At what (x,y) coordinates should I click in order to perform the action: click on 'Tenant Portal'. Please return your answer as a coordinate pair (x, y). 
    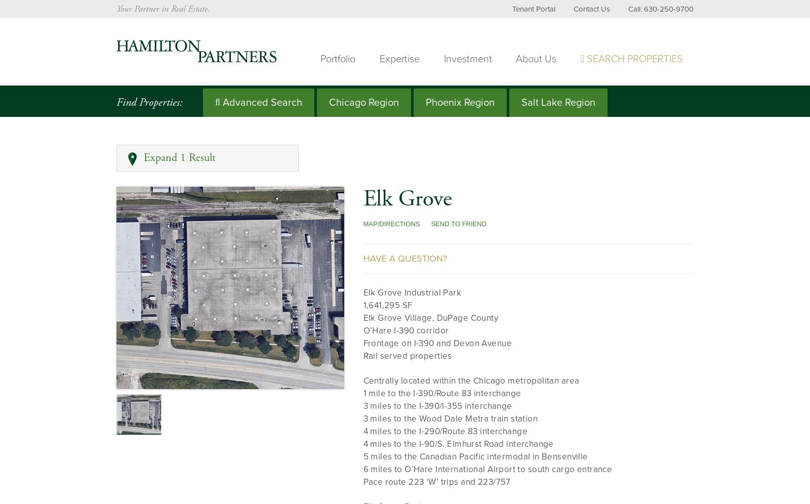
    Looking at the image, I should click on (512, 9).